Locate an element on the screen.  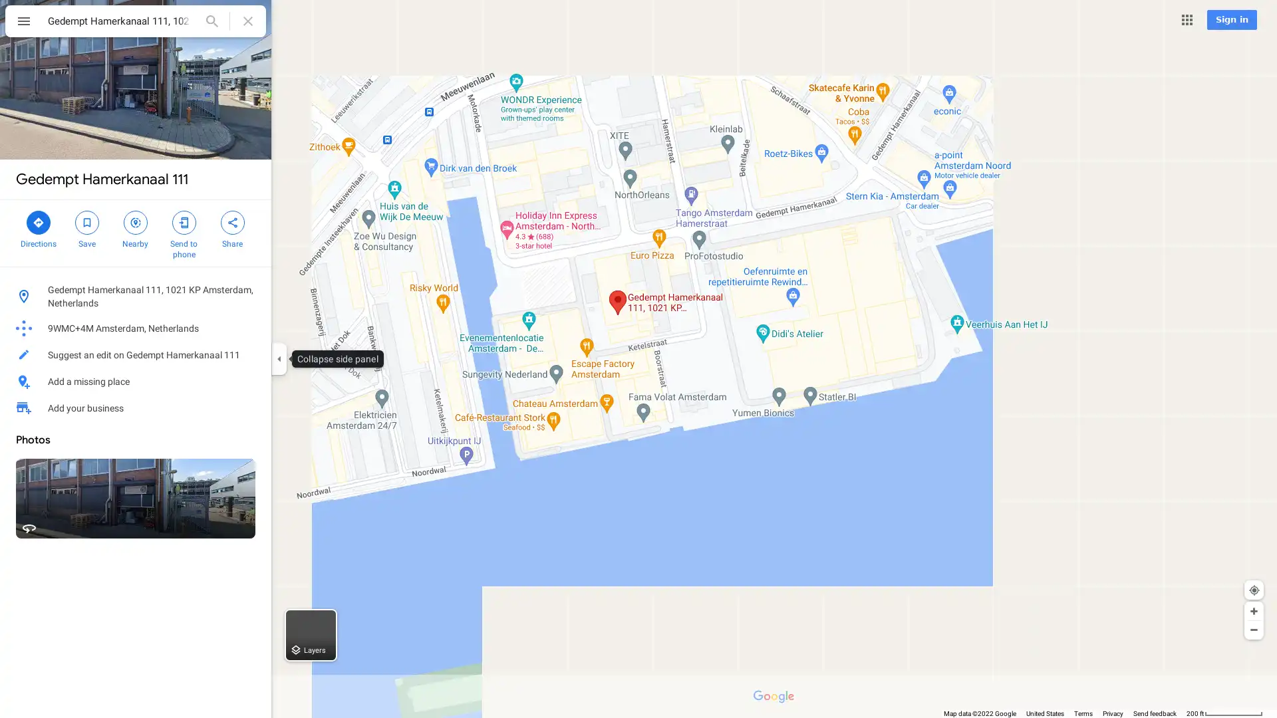
Zoom out is located at coordinates (1253, 673).